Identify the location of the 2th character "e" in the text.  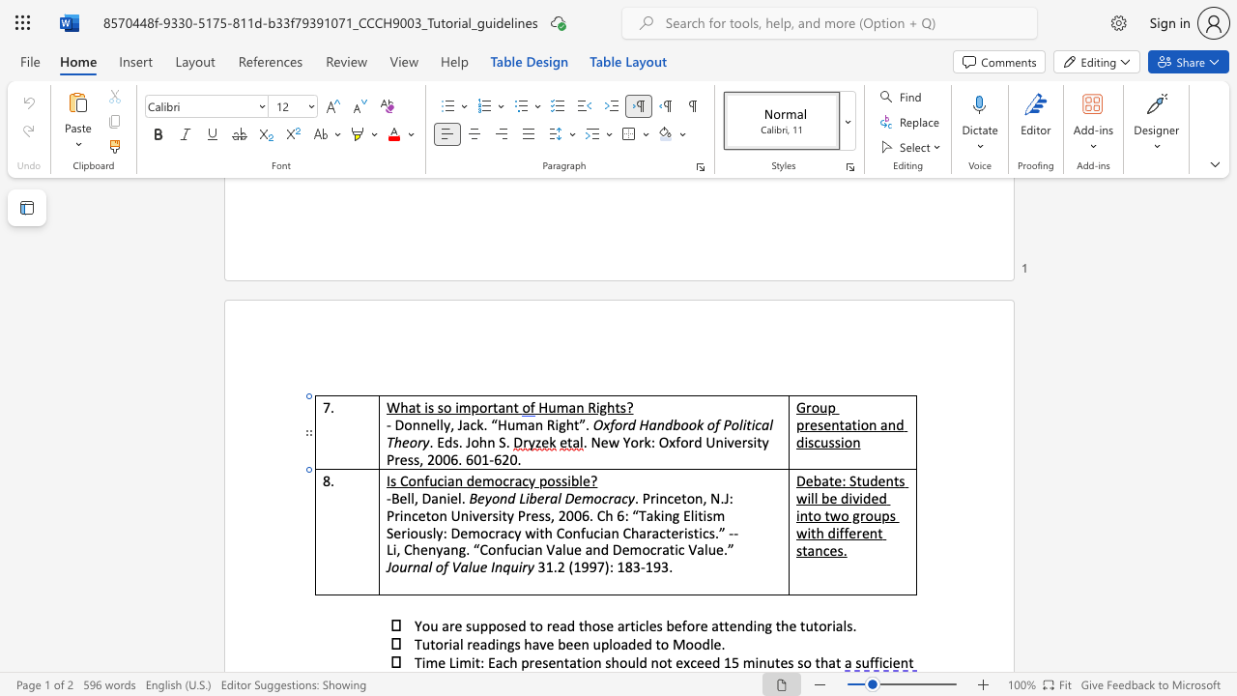
(827, 423).